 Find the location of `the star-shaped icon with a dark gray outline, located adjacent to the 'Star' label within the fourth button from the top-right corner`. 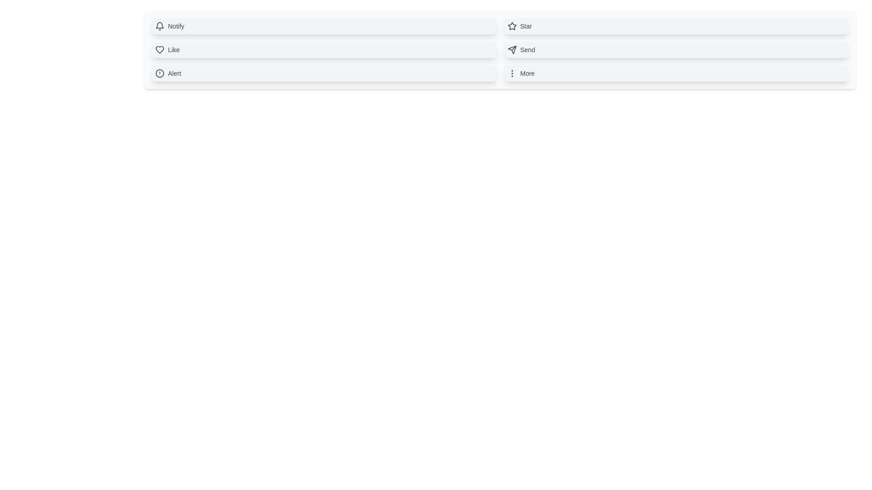

the star-shaped icon with a dark gray outline, located adjacent to the 'Star' label within the fourth button from the top-right corner is located at coordinates (512, 25).